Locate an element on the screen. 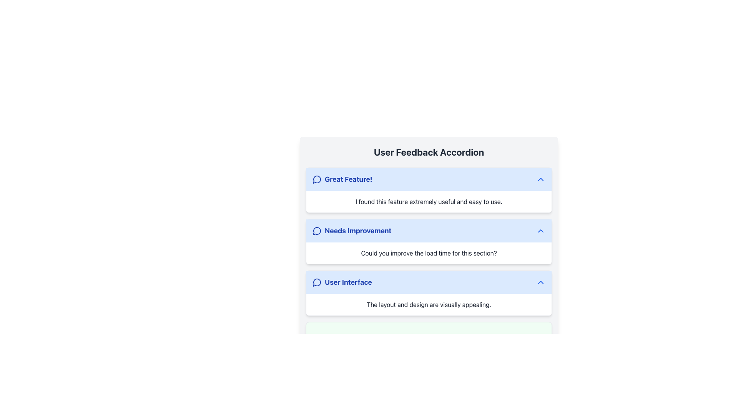  the leading icon in the 'User Interface' section, which is positioned at the leftmost side next to the text 'User Interface' is located at coordinates (317, 282).